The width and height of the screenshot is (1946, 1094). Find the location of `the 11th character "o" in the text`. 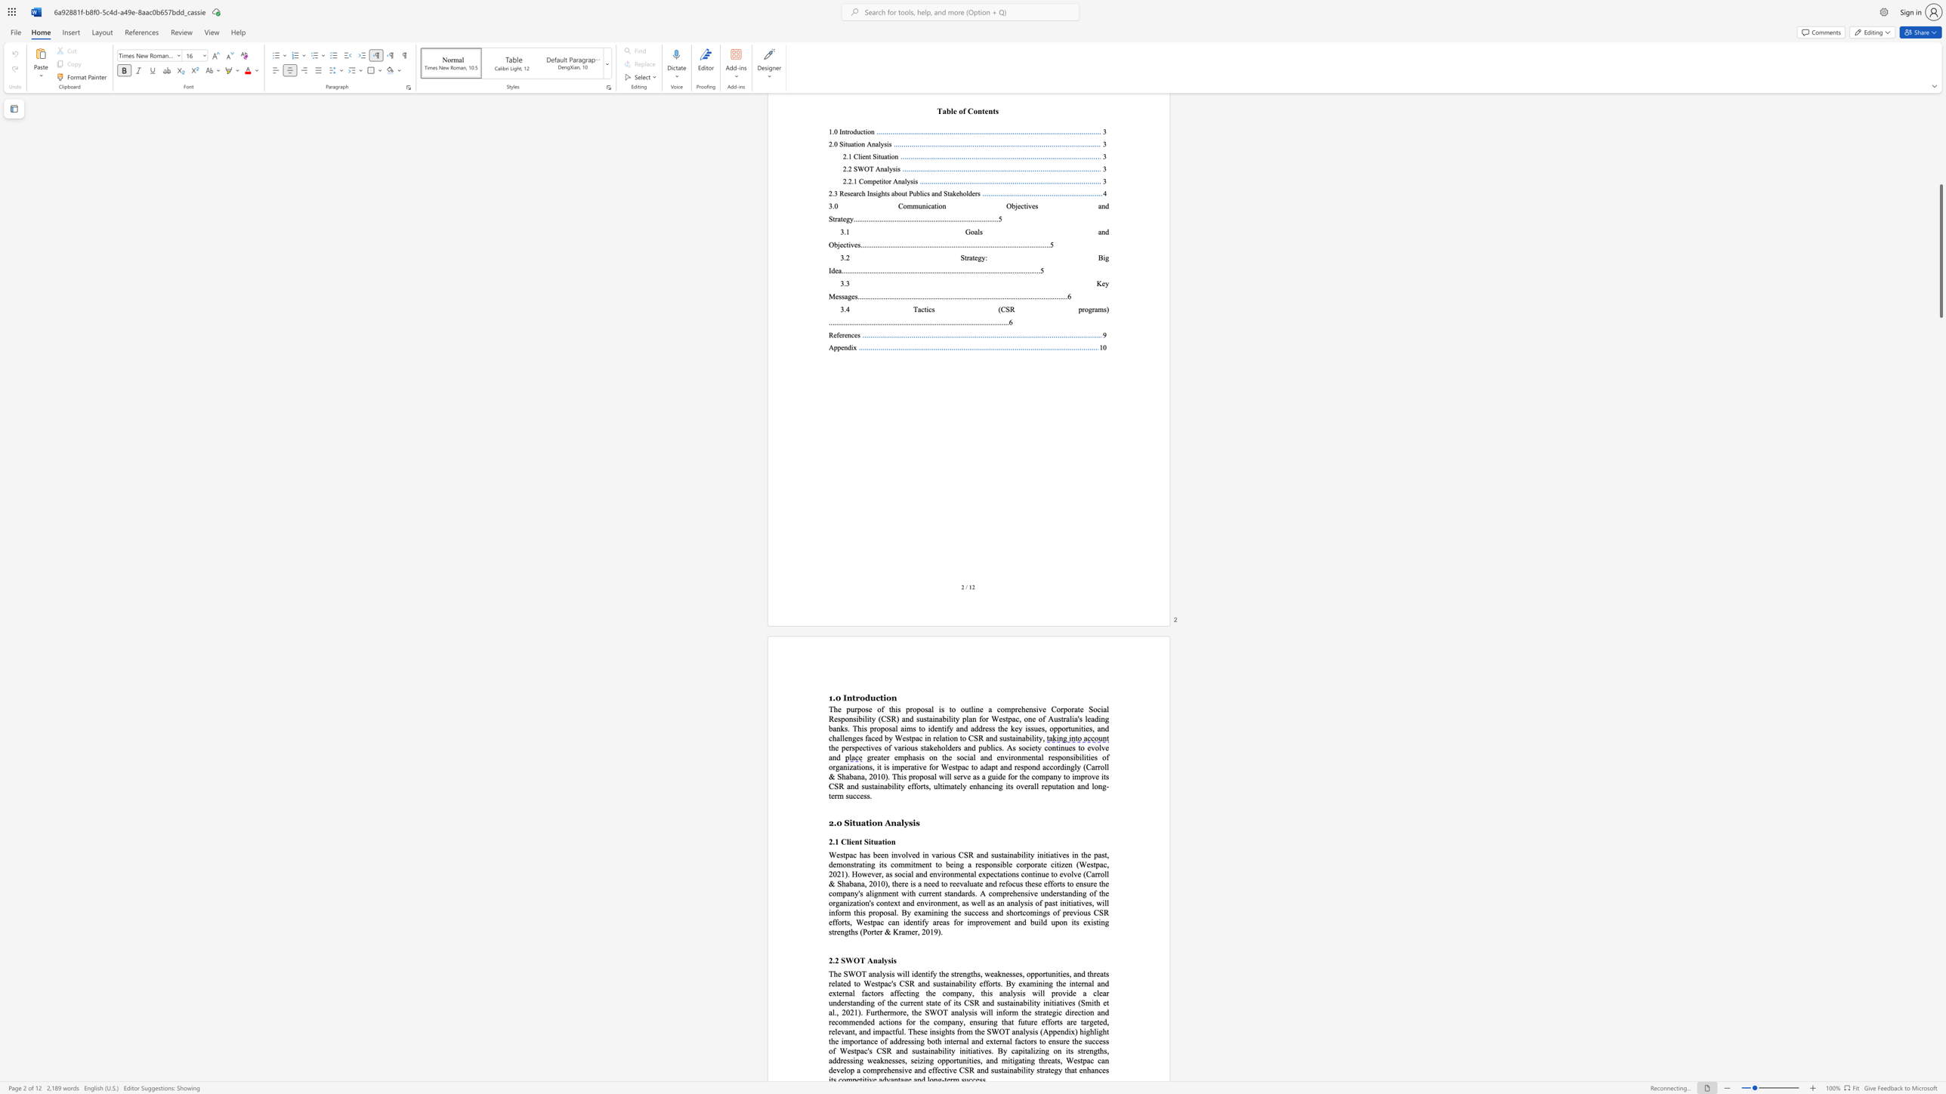

the 11th character "o" in the text is located at coordinates (834, 892).